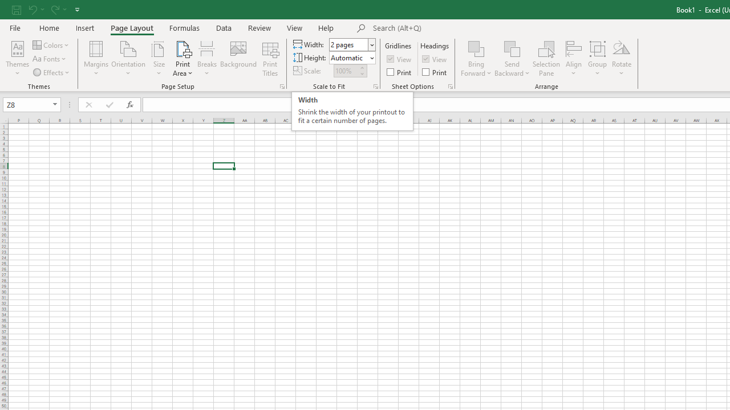 This screenshot has width=730, height=410. Describe the element at coordinates (15, 27) in the screenshot. I see `'File Tab'` at that location.